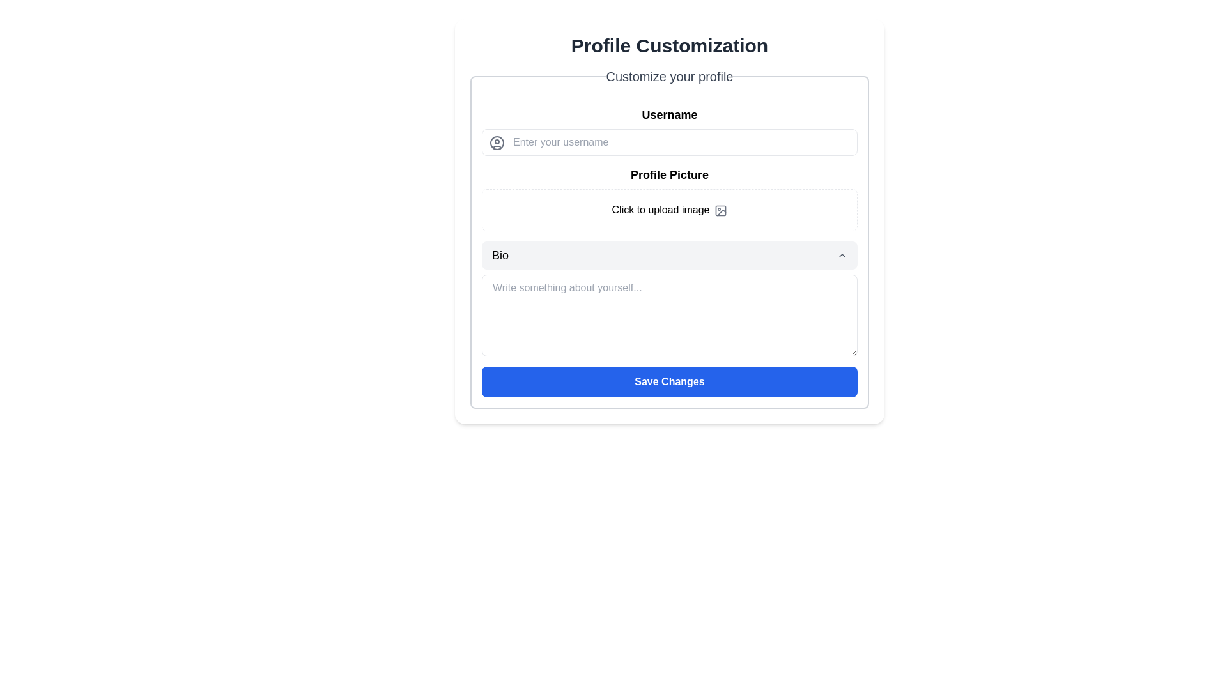 This screenshot has width=1227, height=690. I want to click on the graphical decorative element within the image upload icon located in the Profile Picture section, which is next to the 'Click to upload image' text, so click(721, 210).